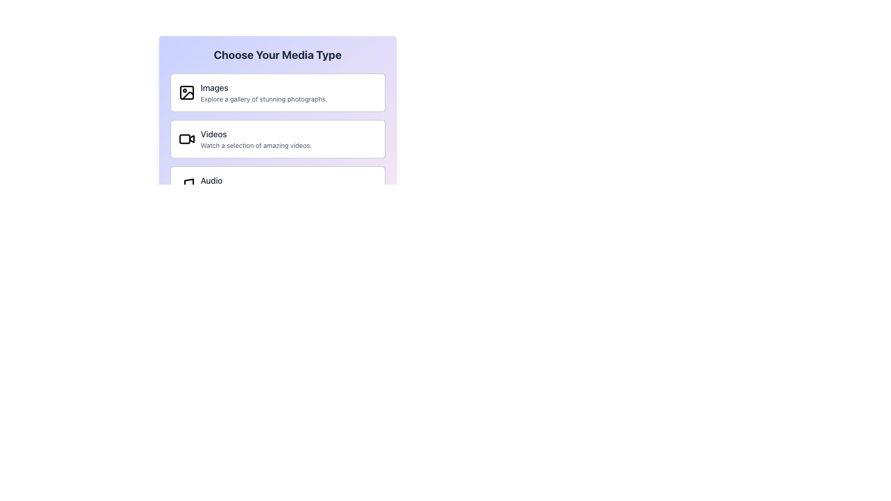 Image resolution: width=891 pixels, height=501 pixels. What do you see at coordinates (182, 189) in the screenshot?
I see `the circular element within the 'lucide-music' SVG icon located at the bottom-right of the interface, specifically the circle at the bottom-left of its siblings` at bounding box center [182, 189].